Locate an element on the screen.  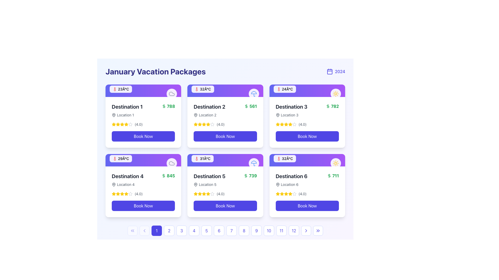
the yellow star icon, which is the third star in the sequence of five stars located below the text '(4.0)' on the 'Destination 6' card in the bottom-right corner of the grid layout is located at coordinates (281, 194).